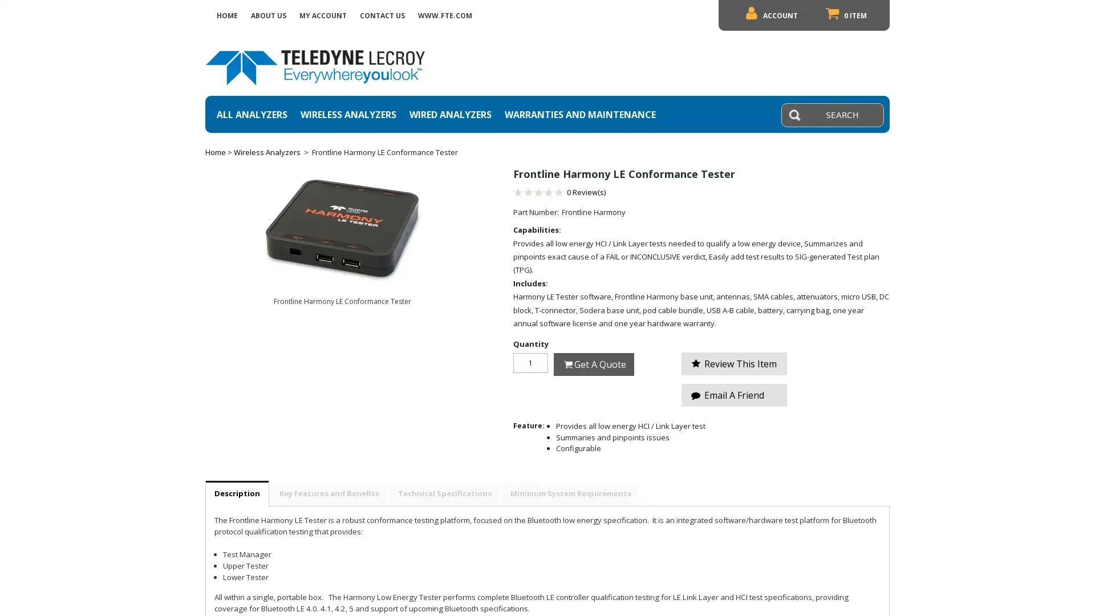 This screenshot has width=1095, height=616. I want to click on Get A Quote, so click(593, 363).